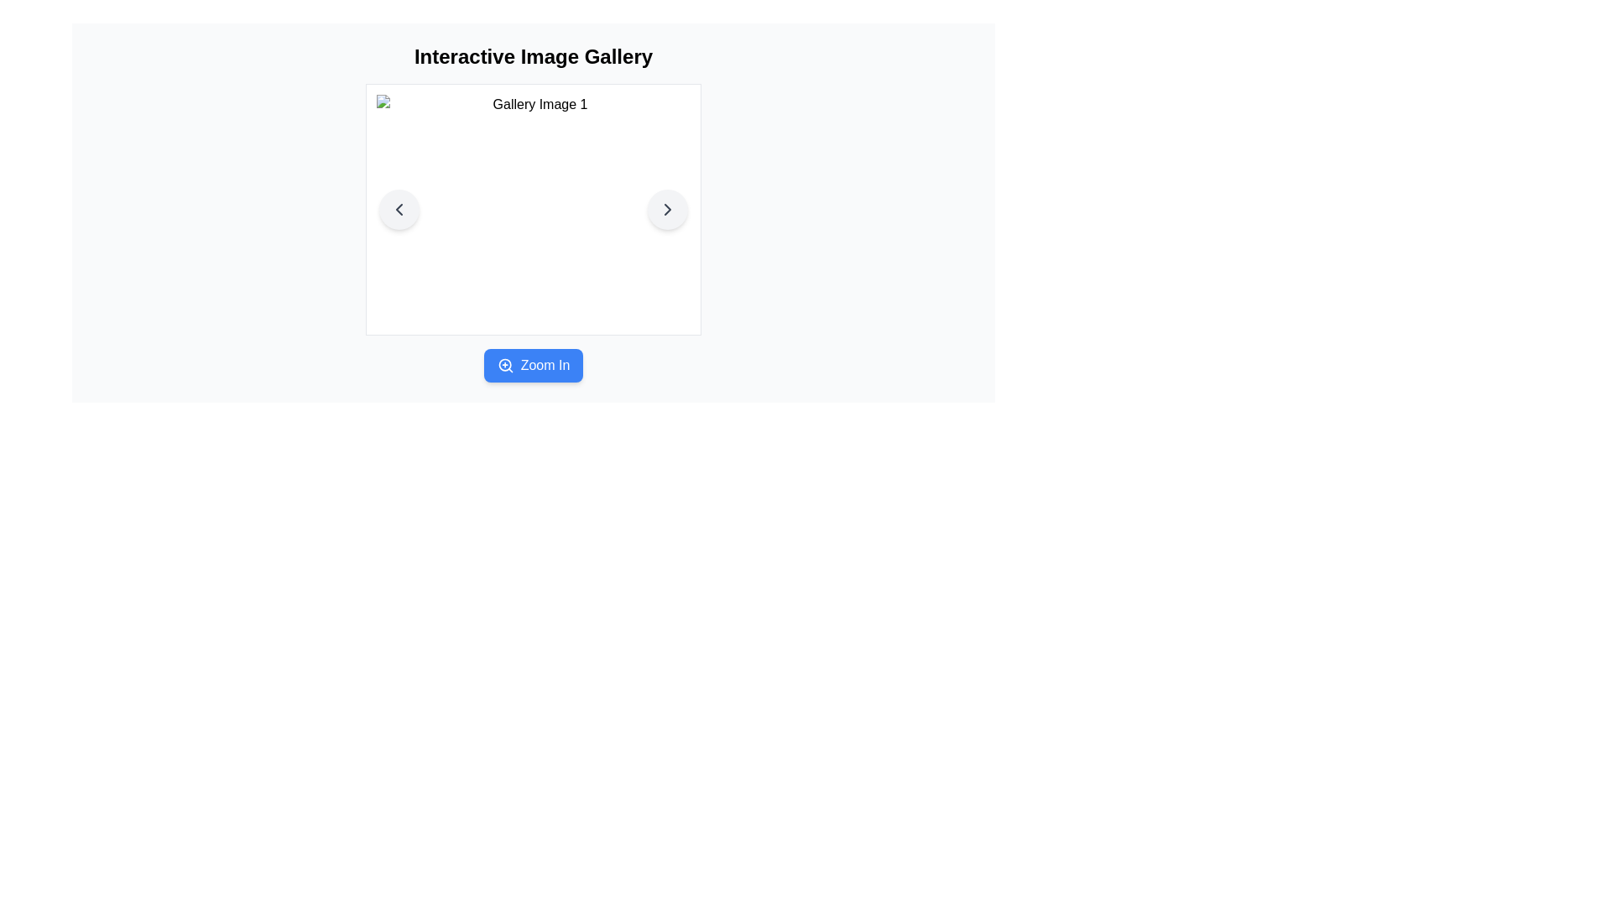 This screenshot has width=1611, height=906. I want to click on the decorative circle icon that is part of the 'Zoom In' button located below the image gallery, so click(503, 364).